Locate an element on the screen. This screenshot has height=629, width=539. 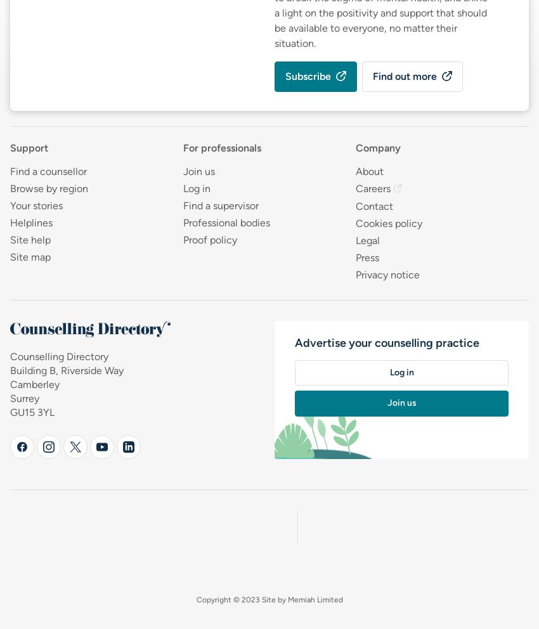
'Professional bodies' is located at coordinates (225, 221).